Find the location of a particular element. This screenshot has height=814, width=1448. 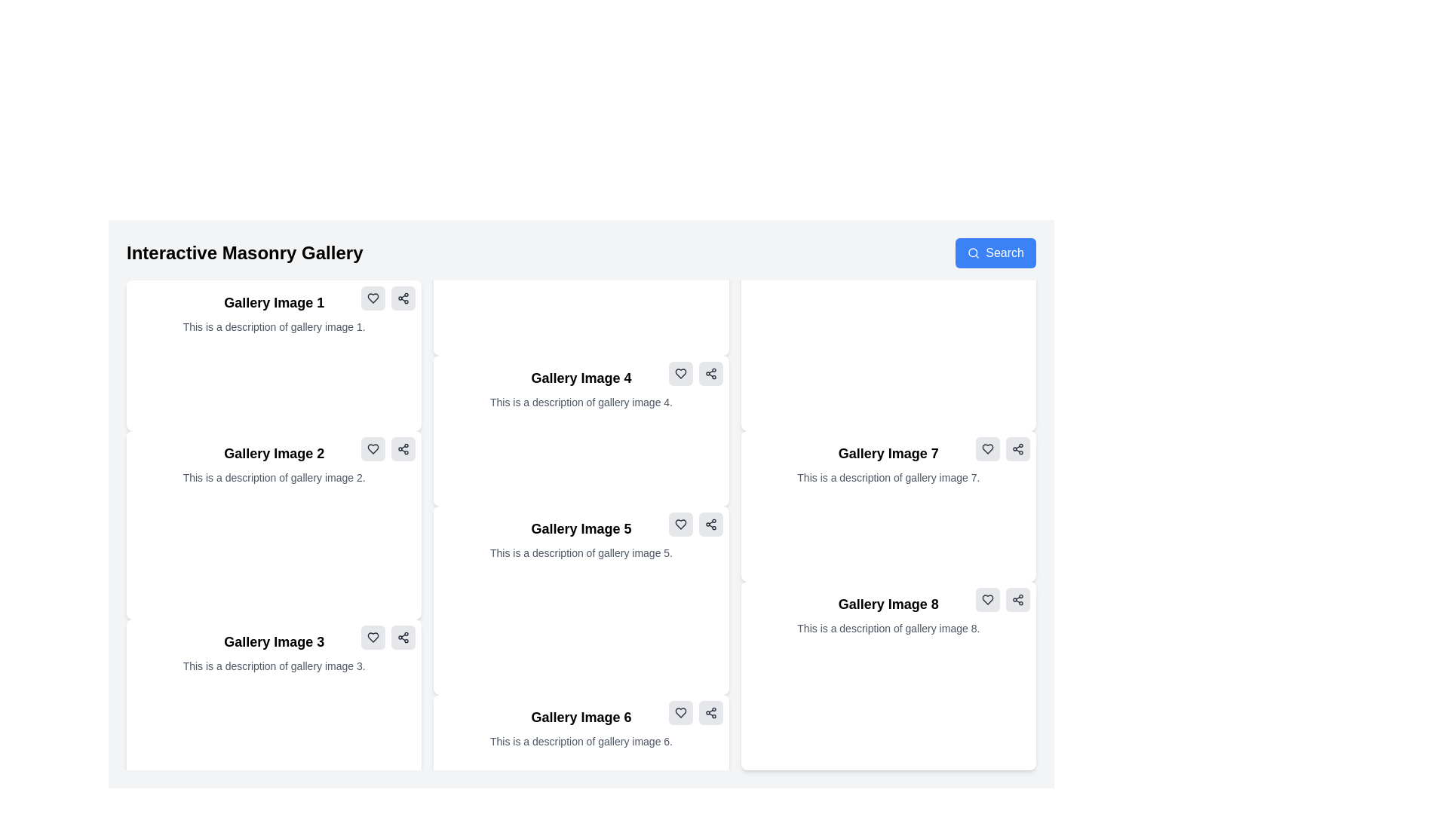

the share icon, which is an SVG-based icon featuring three interconnected circles and line segments, located in the card titled 'Gallery Image 3', near the heart icon is located at coordinates (403, 637).